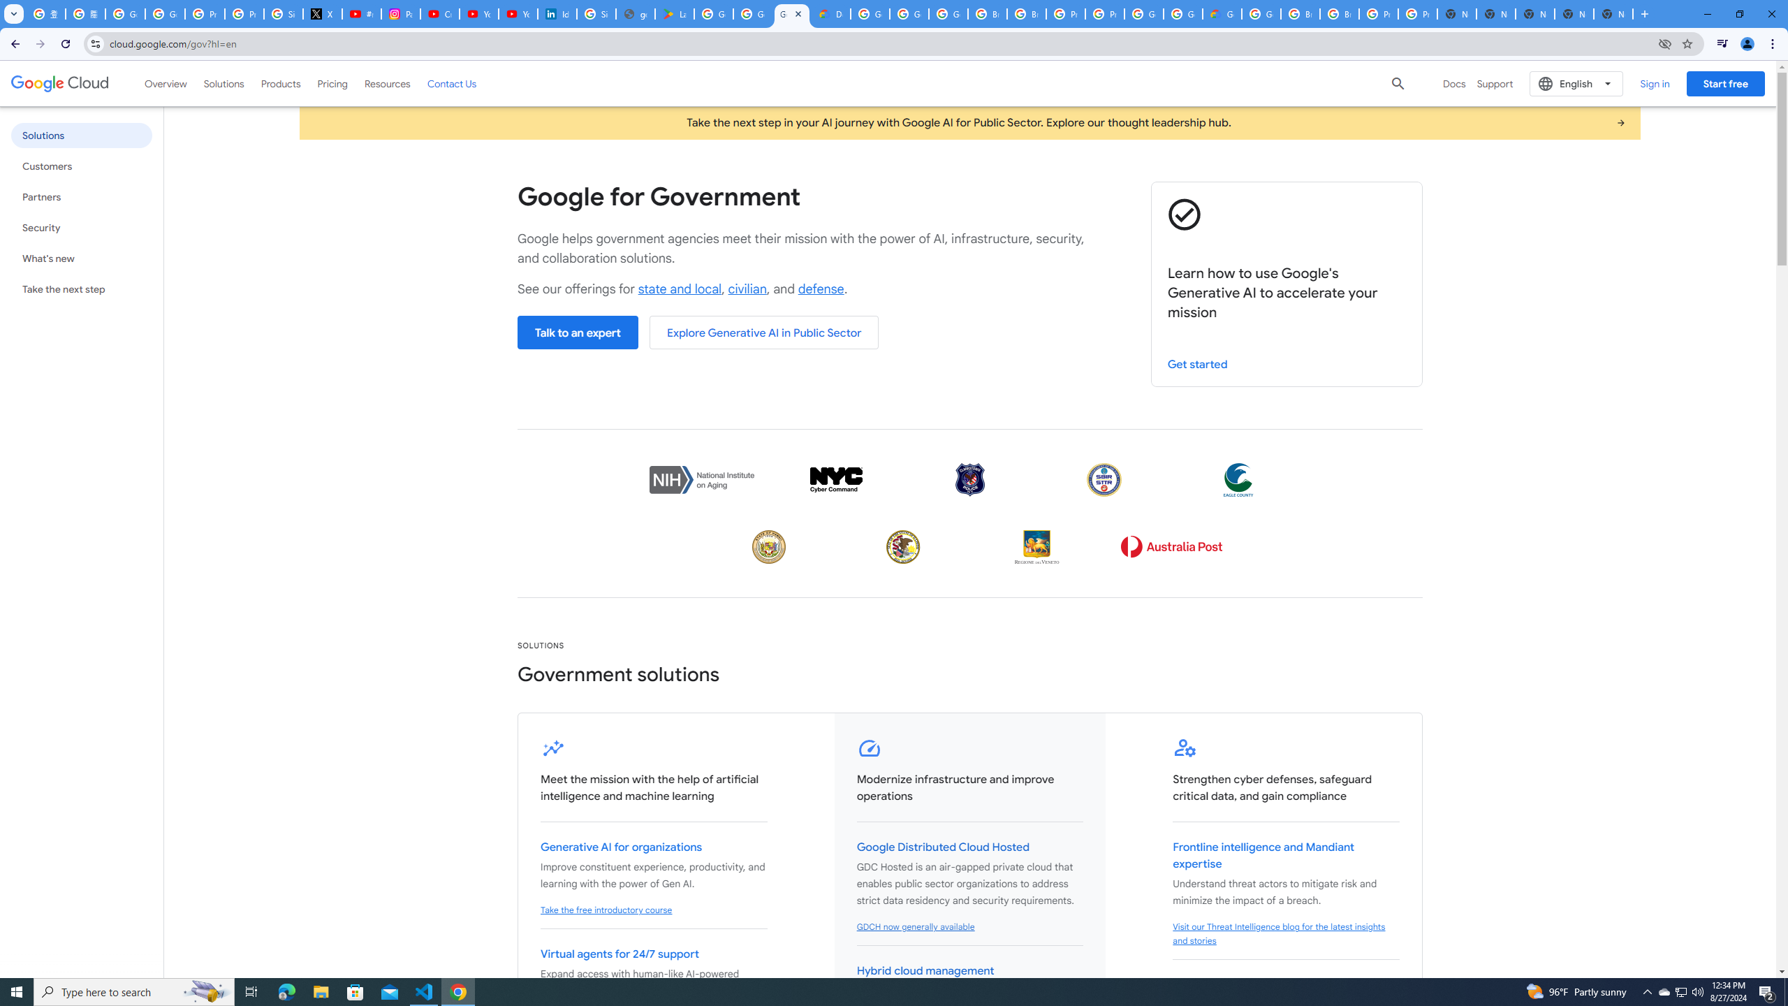 This screenshot has width=1788, height=1006. Describe the element at coordinates (1495, 82) in the screenshot. I see `'Support'` at that location.